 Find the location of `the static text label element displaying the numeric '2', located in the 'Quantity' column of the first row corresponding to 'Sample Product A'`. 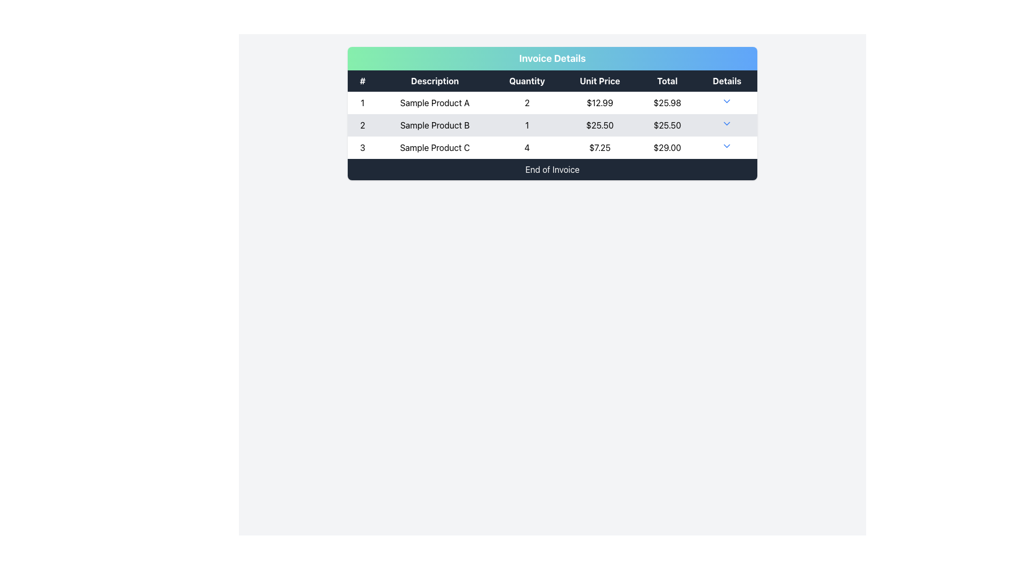

the static text label element displaying the numeric '2', located in the 'Quantity' column of the first row corresponding to 'Sample Product A' is located at coordinates (527, 102).